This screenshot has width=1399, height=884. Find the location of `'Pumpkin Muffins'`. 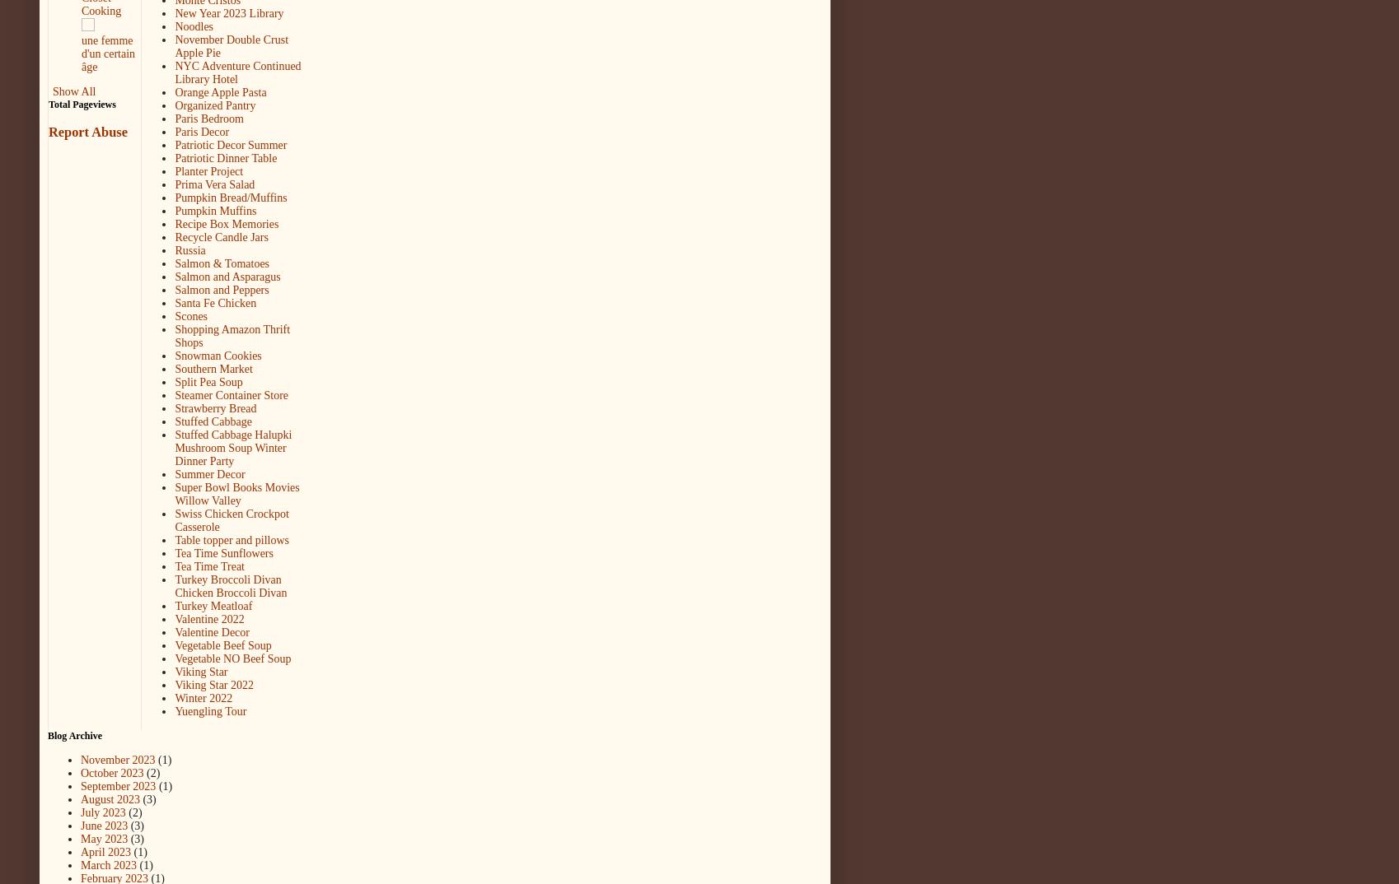

'Pumpkin Muffins' is located at coordinates (214, 210).